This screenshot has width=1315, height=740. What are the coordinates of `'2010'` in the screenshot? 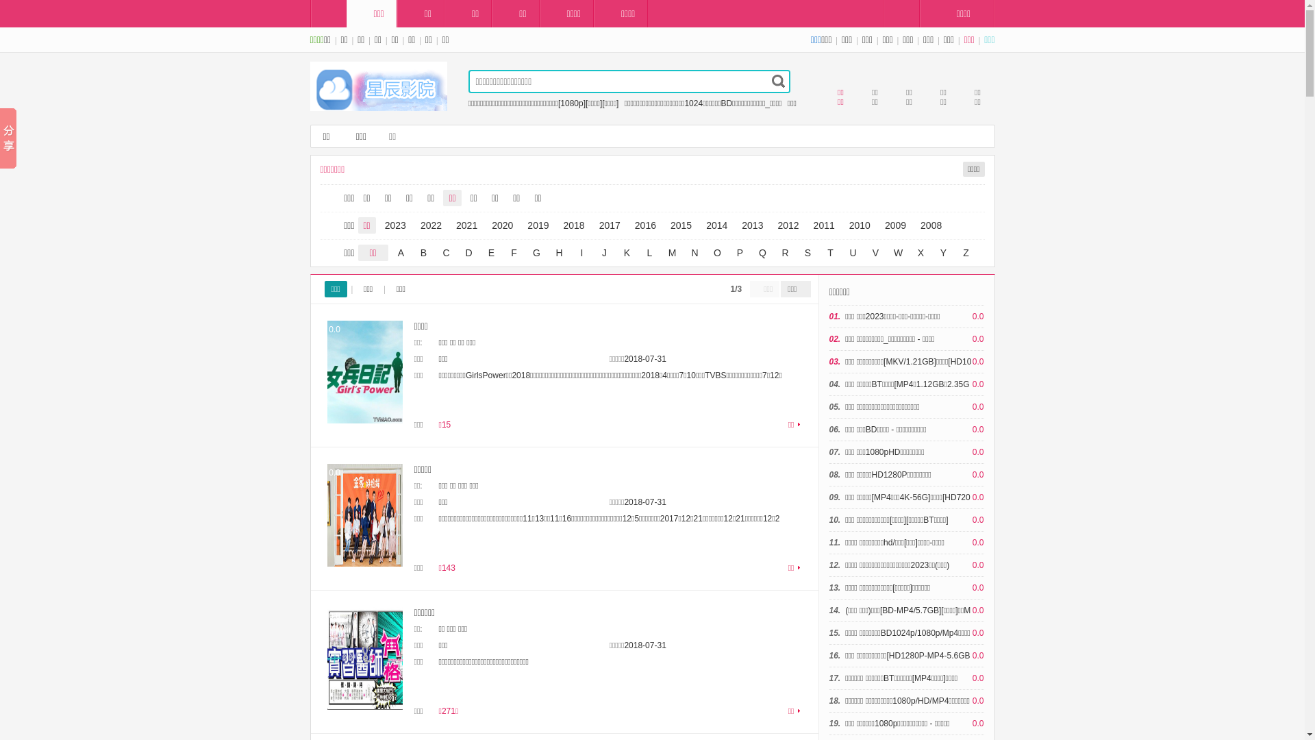 It's located at (859, 224).